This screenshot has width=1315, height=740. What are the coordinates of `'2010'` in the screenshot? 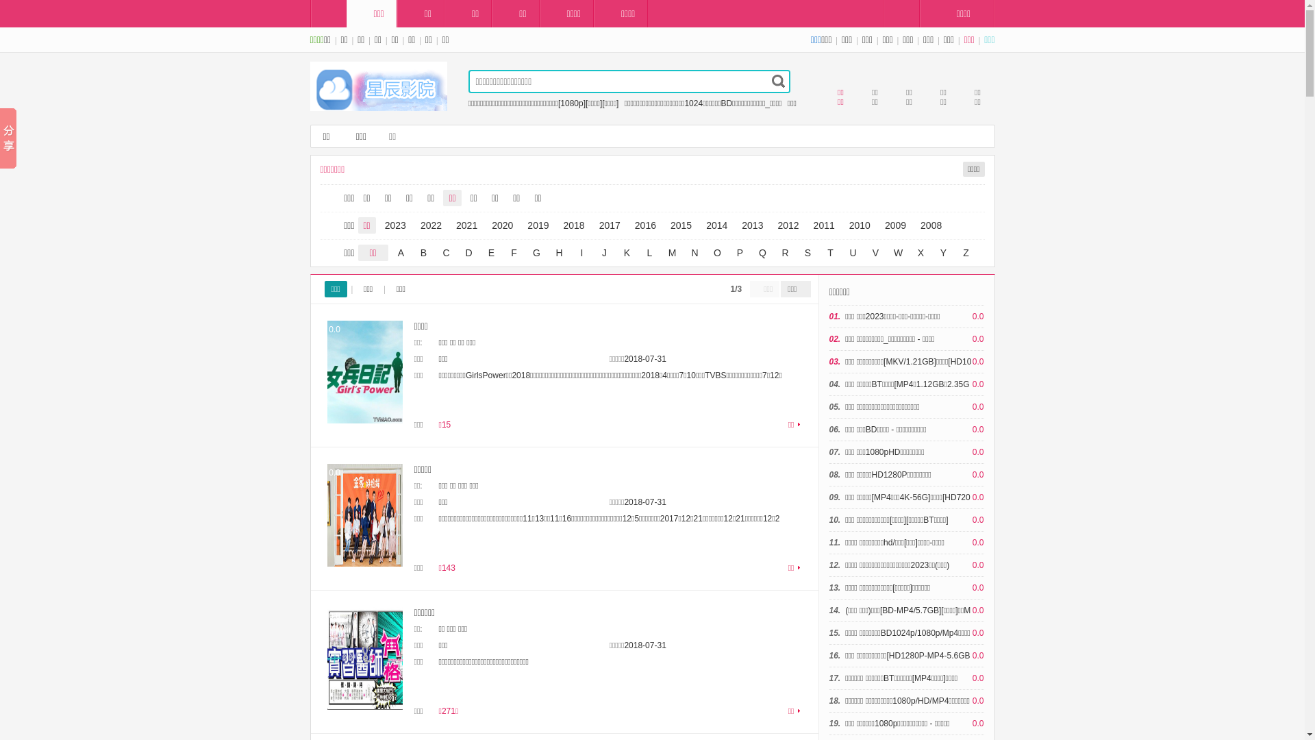 It's located at (859, 224).